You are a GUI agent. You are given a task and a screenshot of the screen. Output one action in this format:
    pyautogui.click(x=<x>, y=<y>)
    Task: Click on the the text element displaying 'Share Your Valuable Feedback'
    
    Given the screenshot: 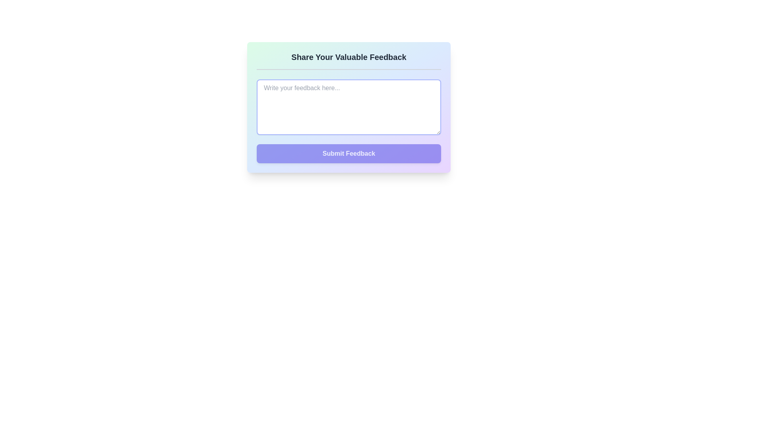 What is the action you would take?
    pyautogui.click(x=349, y=56)
    